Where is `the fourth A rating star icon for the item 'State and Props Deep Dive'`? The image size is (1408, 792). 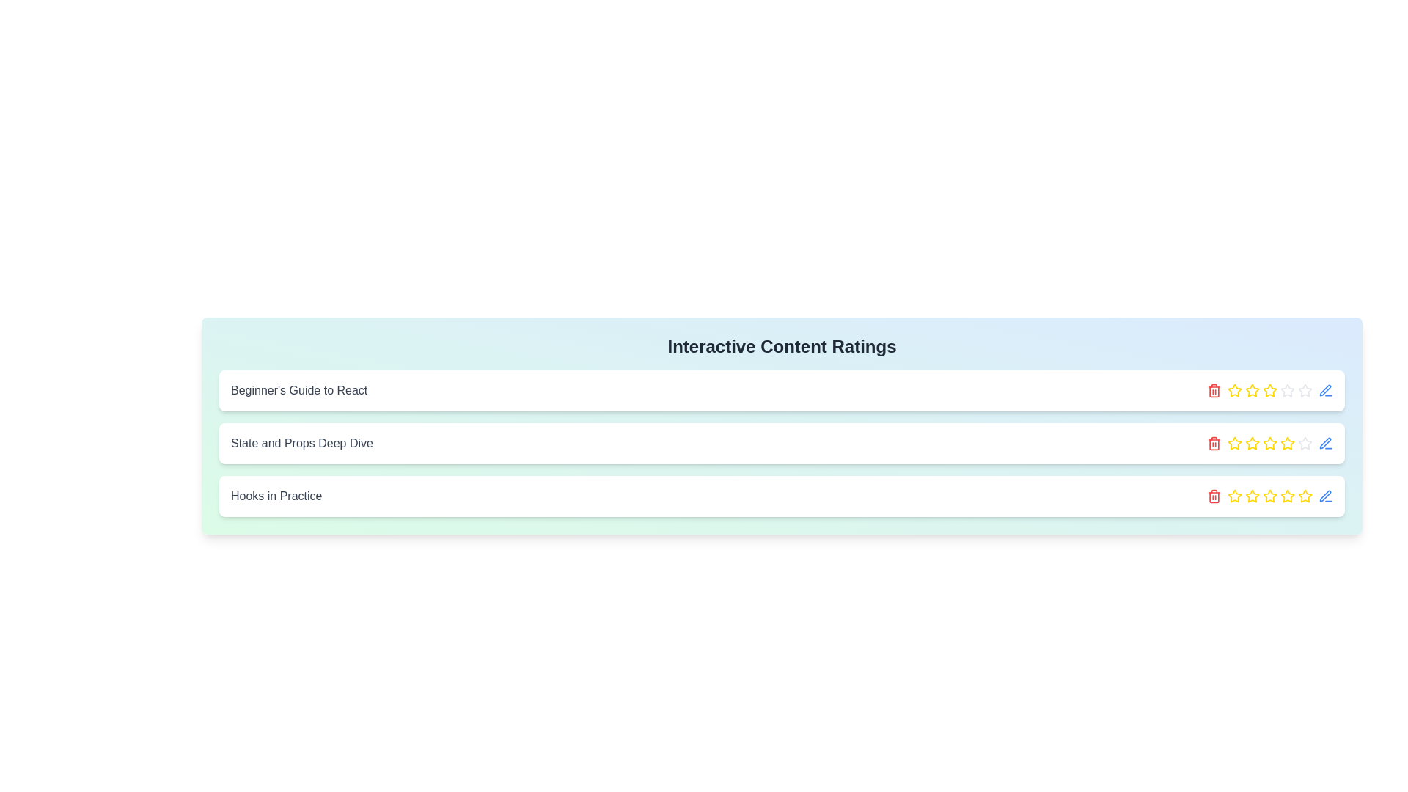
the fourth A rating star icon for the item 'State and Props Deep Dive' is located at coordinates (1269, 389).